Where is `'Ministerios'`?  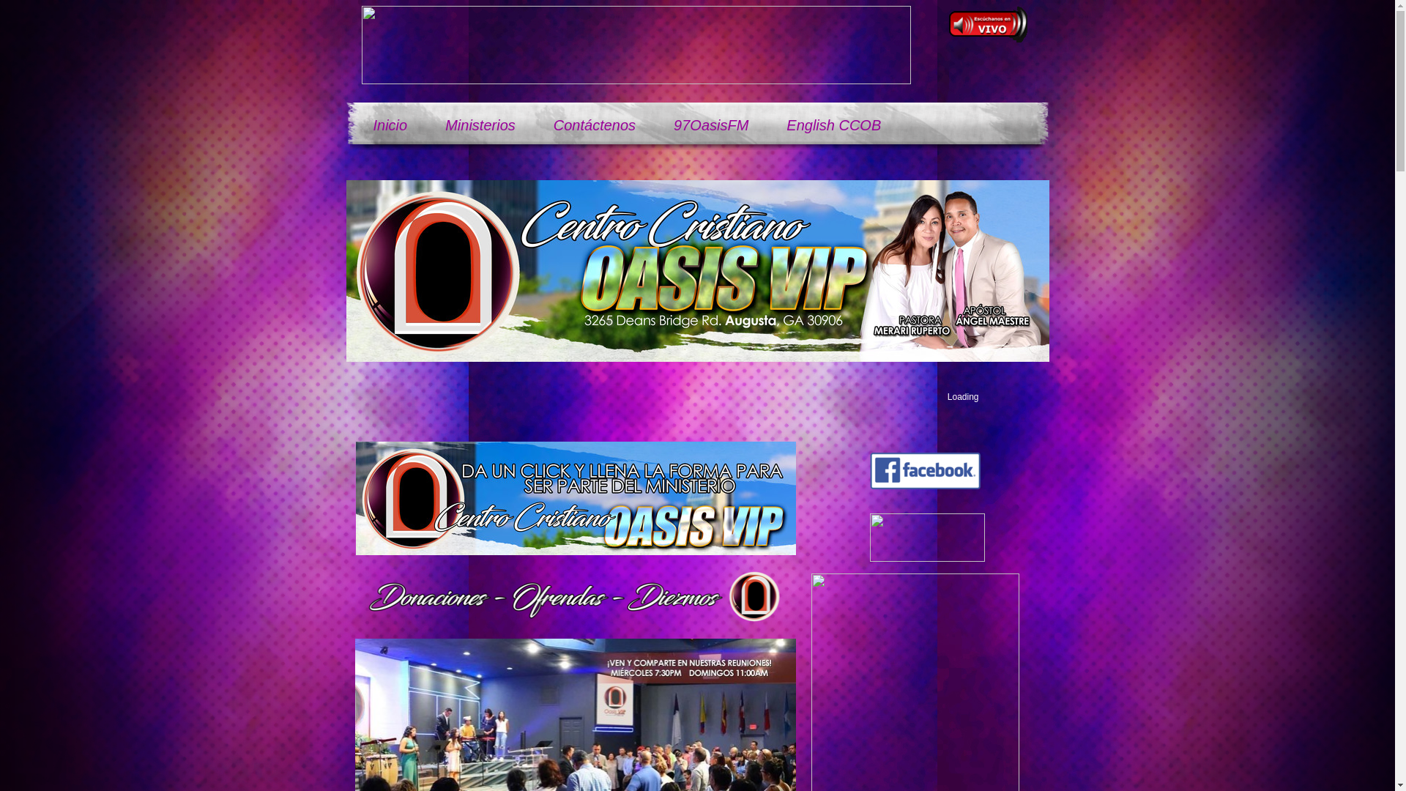 'Ministerios' is located at coordinates (480, 125).